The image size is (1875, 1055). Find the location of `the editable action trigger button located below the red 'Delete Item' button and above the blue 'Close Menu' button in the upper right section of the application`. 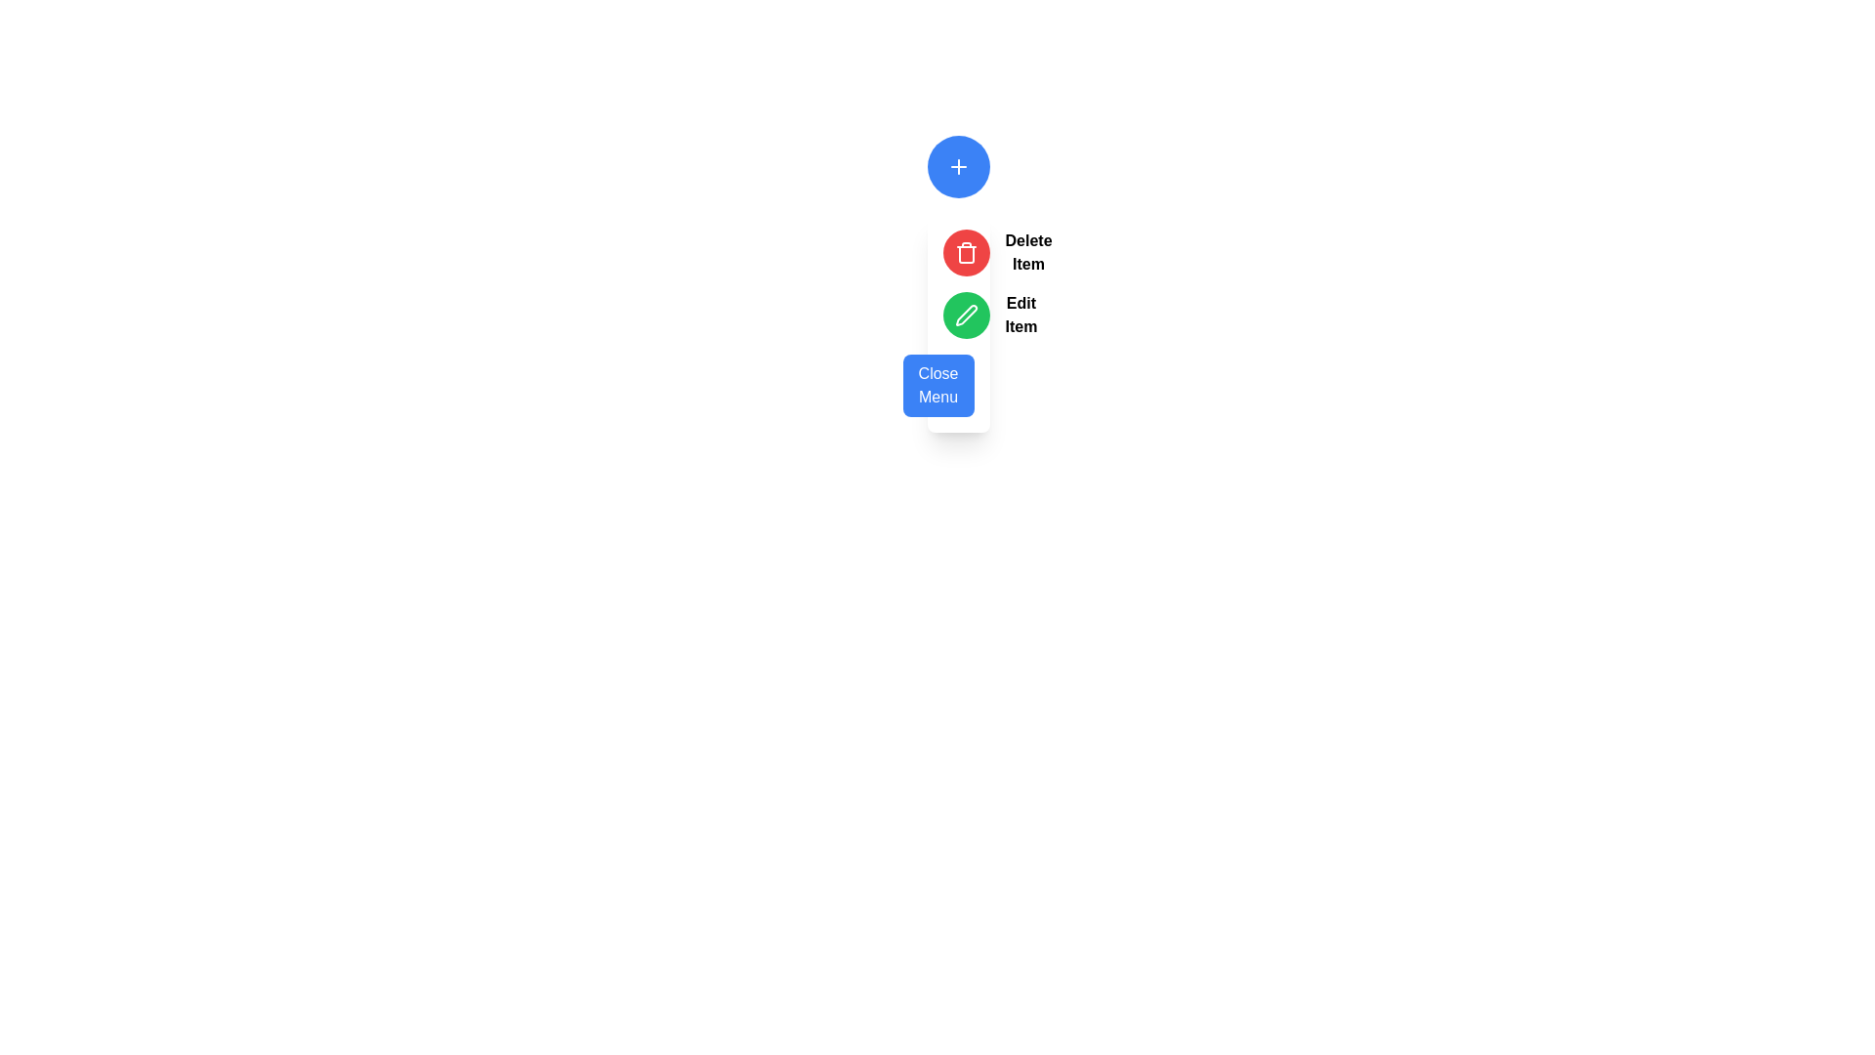

the editable action trigger button located below the red 'Delete Item' button and above the blue 'Close Menu' button in the upper right section of the application is located at coordinates (958, 315).